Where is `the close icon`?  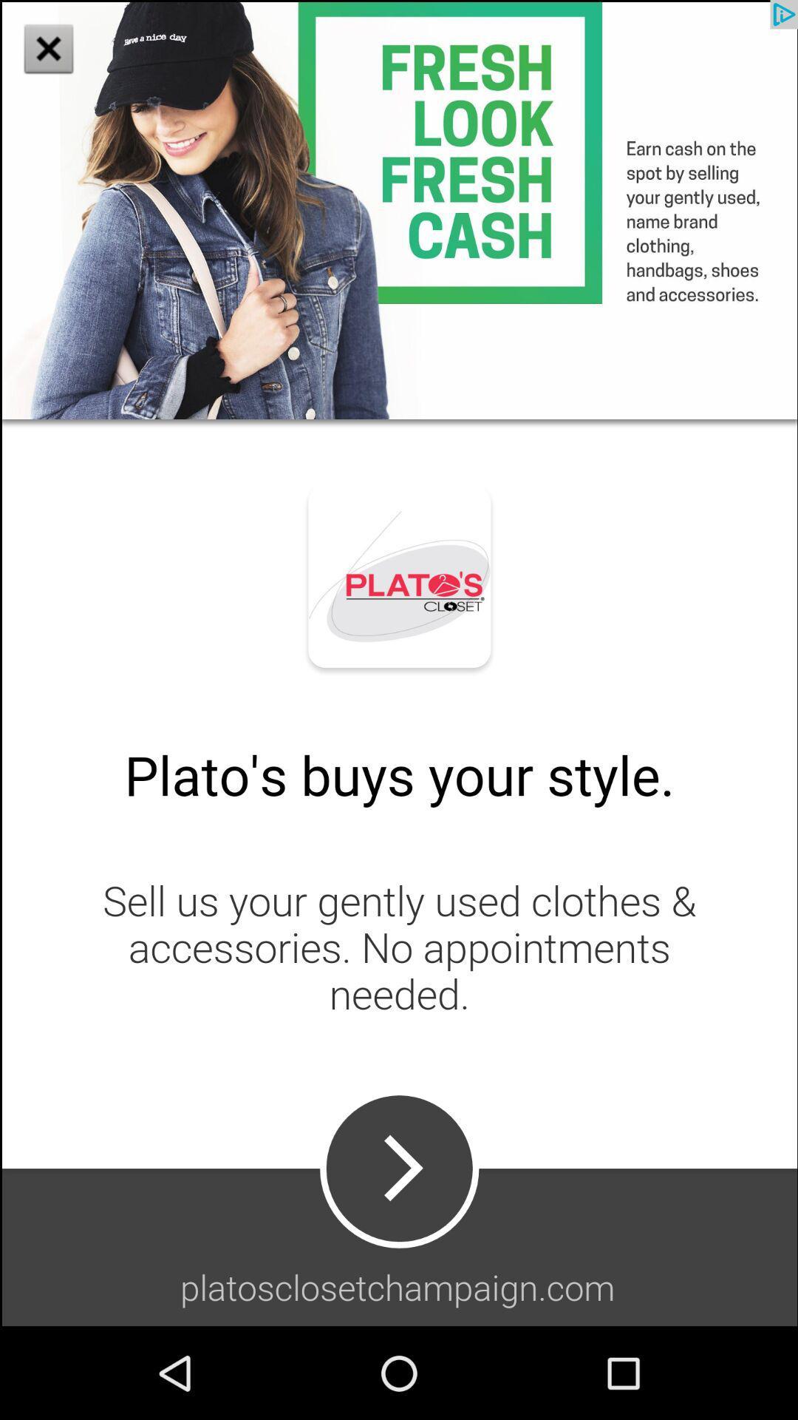 the close icon is located at coordinates (47, 52).